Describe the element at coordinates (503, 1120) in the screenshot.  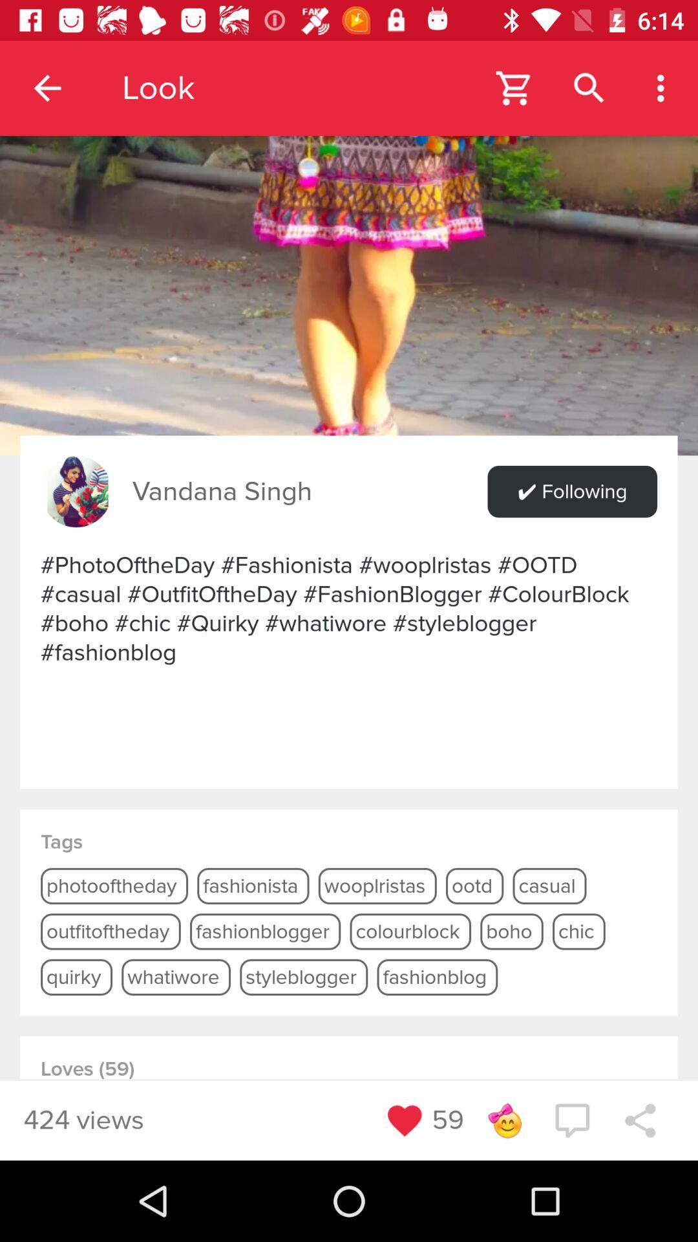
I see `the emoji icon` at that location.